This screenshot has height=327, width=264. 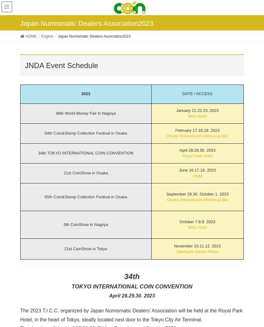 I want to click on 'June 16.17.18. 2023', so click(x=197, y=170).